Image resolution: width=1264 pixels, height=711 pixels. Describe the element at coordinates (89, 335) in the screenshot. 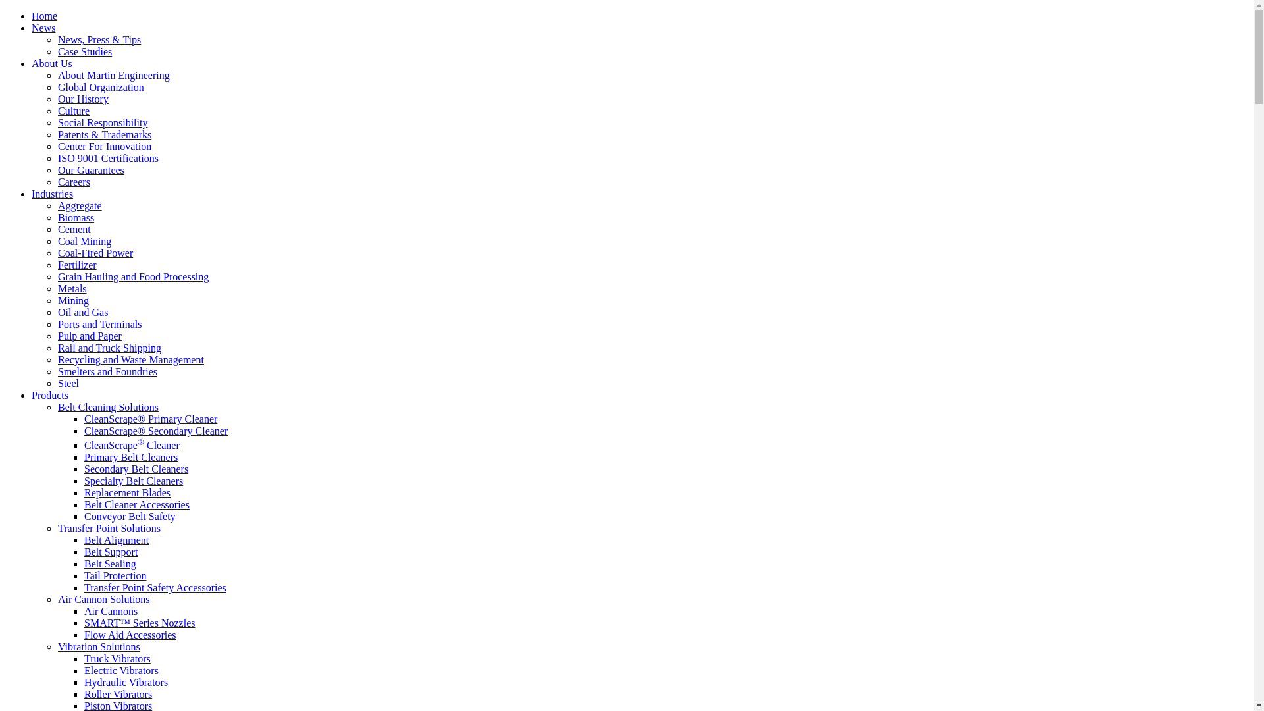

I see `'Pulp and Paper'` at that location.